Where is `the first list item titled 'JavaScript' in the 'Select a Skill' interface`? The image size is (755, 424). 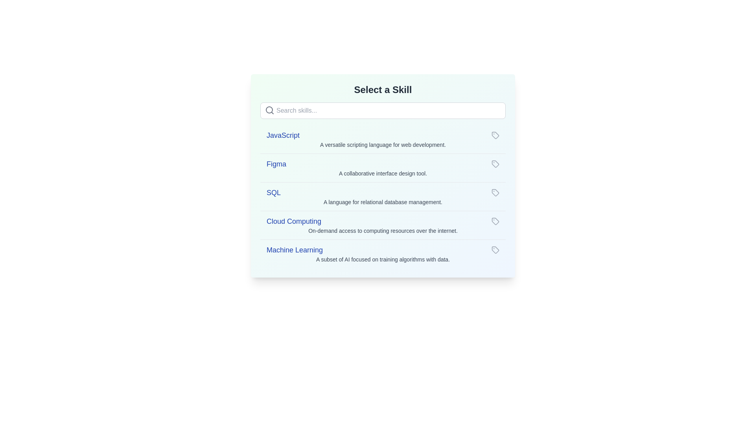 the first list item titled 'JavaScript' in the 'Select a Skill' interface is located at coordinates (383, 139).